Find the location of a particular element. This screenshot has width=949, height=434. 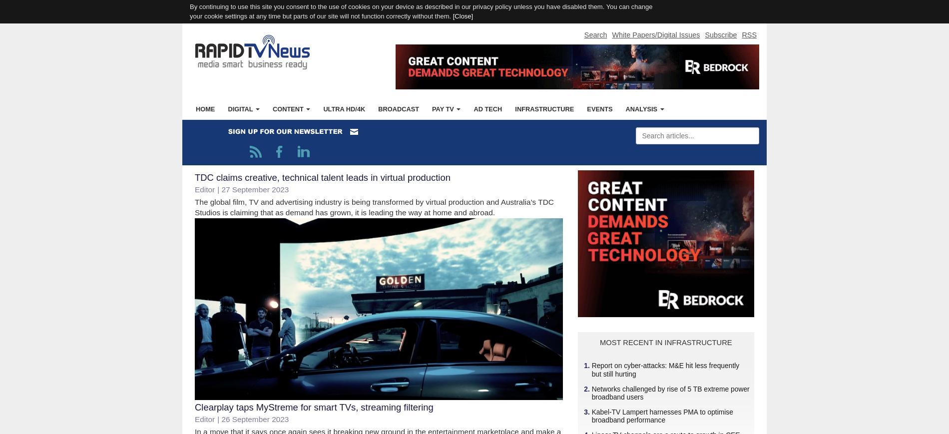

'Most recent in Infrastructure' is located at coordinates (665, 342).